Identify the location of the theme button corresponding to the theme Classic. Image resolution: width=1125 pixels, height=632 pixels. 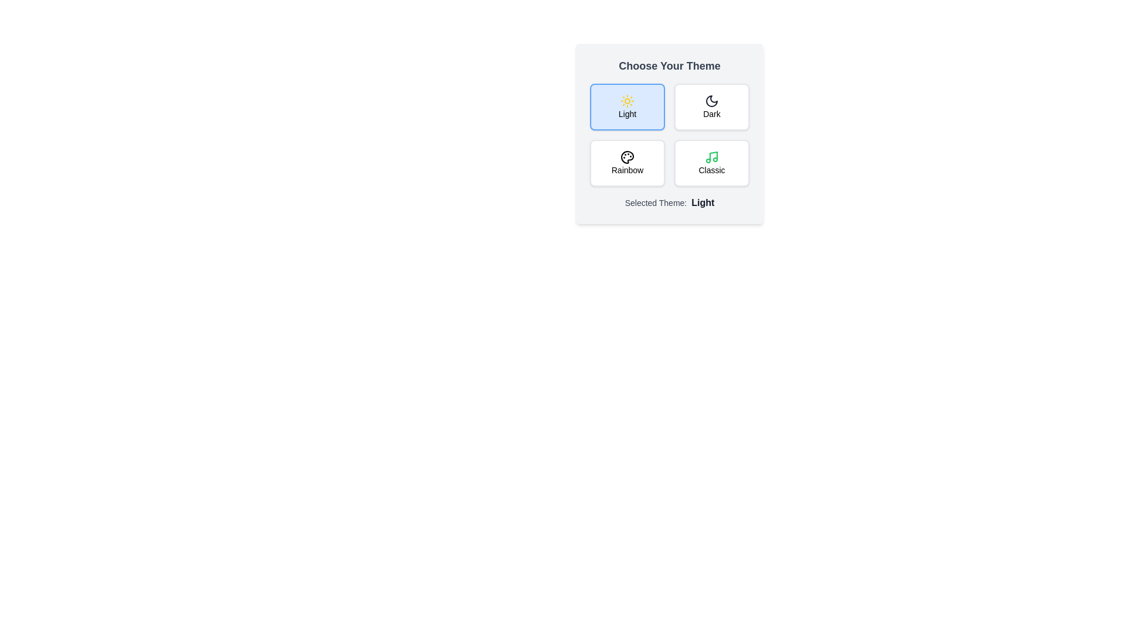
(711, 163).